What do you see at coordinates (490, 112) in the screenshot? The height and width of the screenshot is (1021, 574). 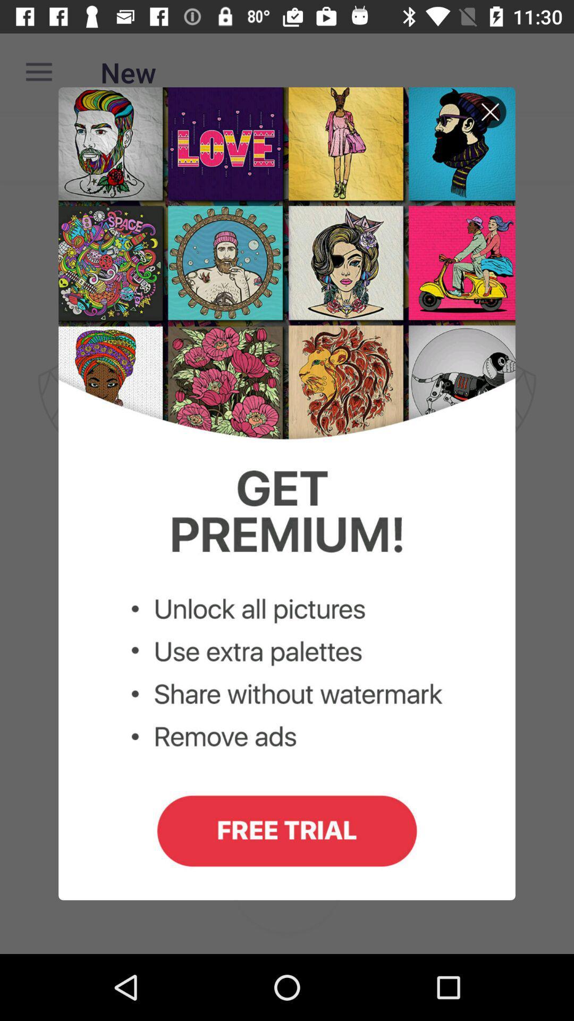 I see `close` at bounding box center [490, 112].